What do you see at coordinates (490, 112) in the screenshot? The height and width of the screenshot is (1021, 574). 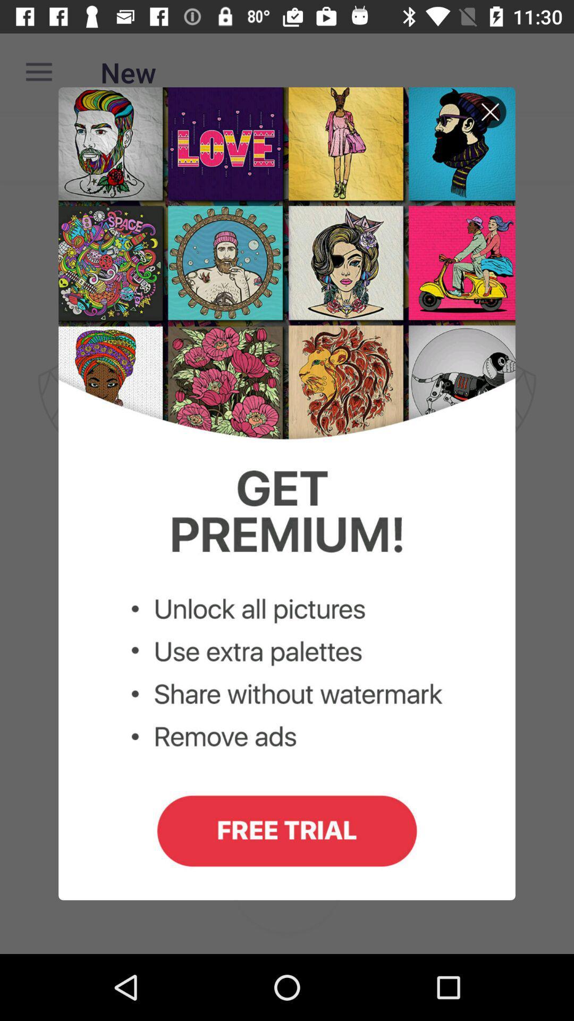 I see `close` at bounding box center [490, 112].